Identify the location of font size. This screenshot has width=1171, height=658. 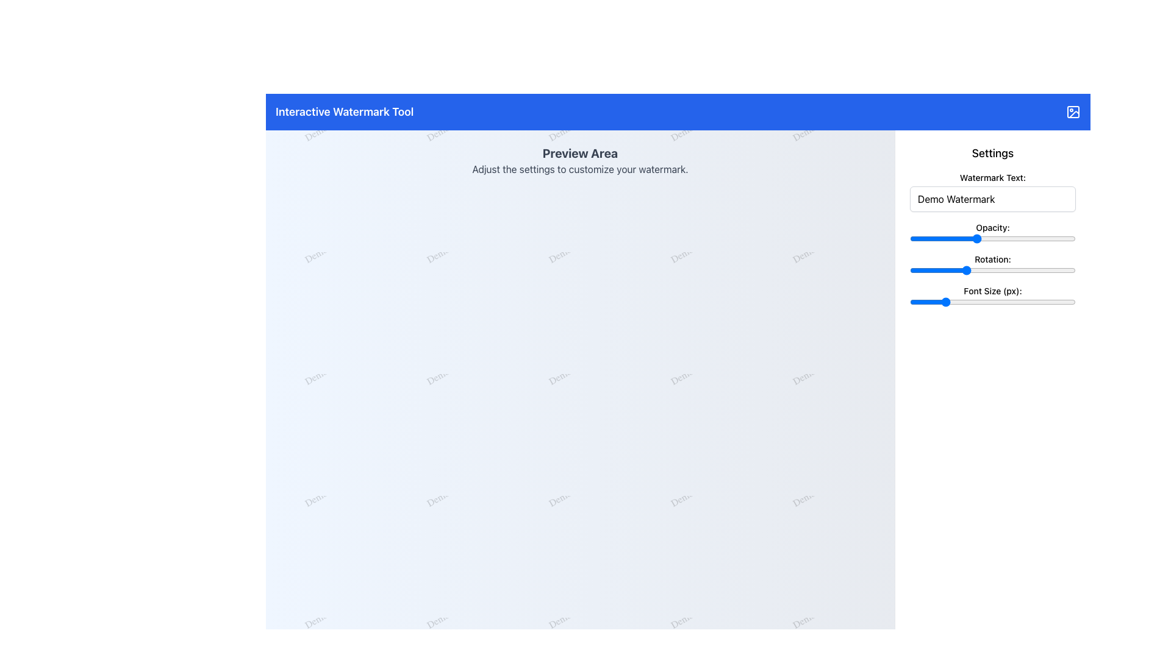
(1015, 302).